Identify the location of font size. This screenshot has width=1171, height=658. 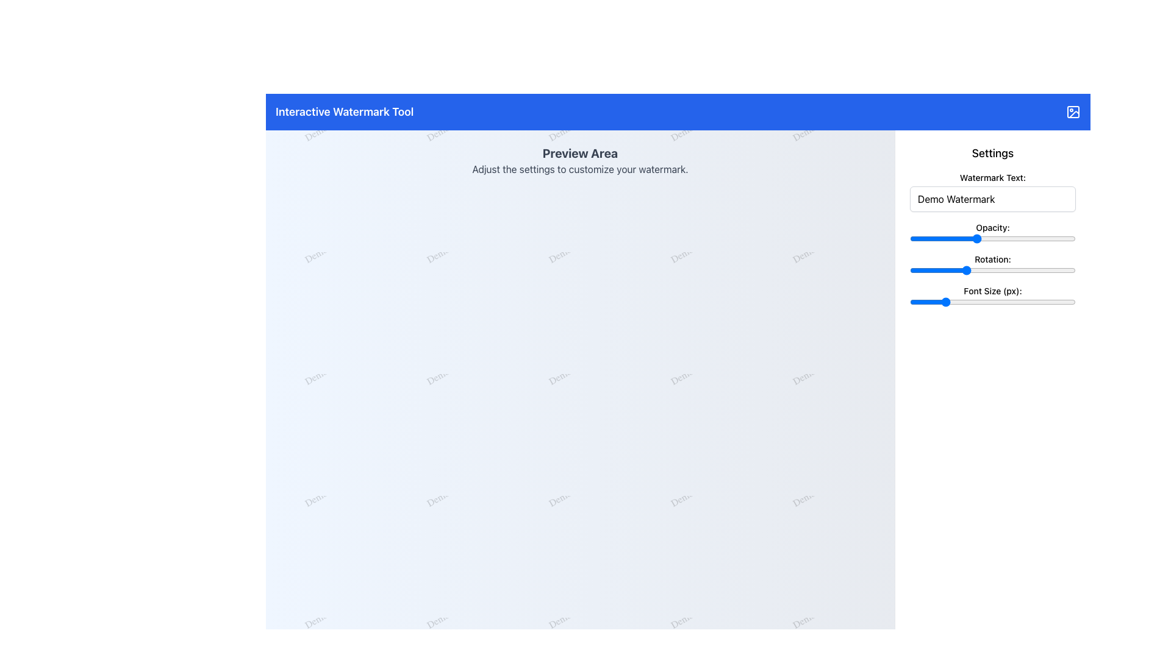
(1015, 302).